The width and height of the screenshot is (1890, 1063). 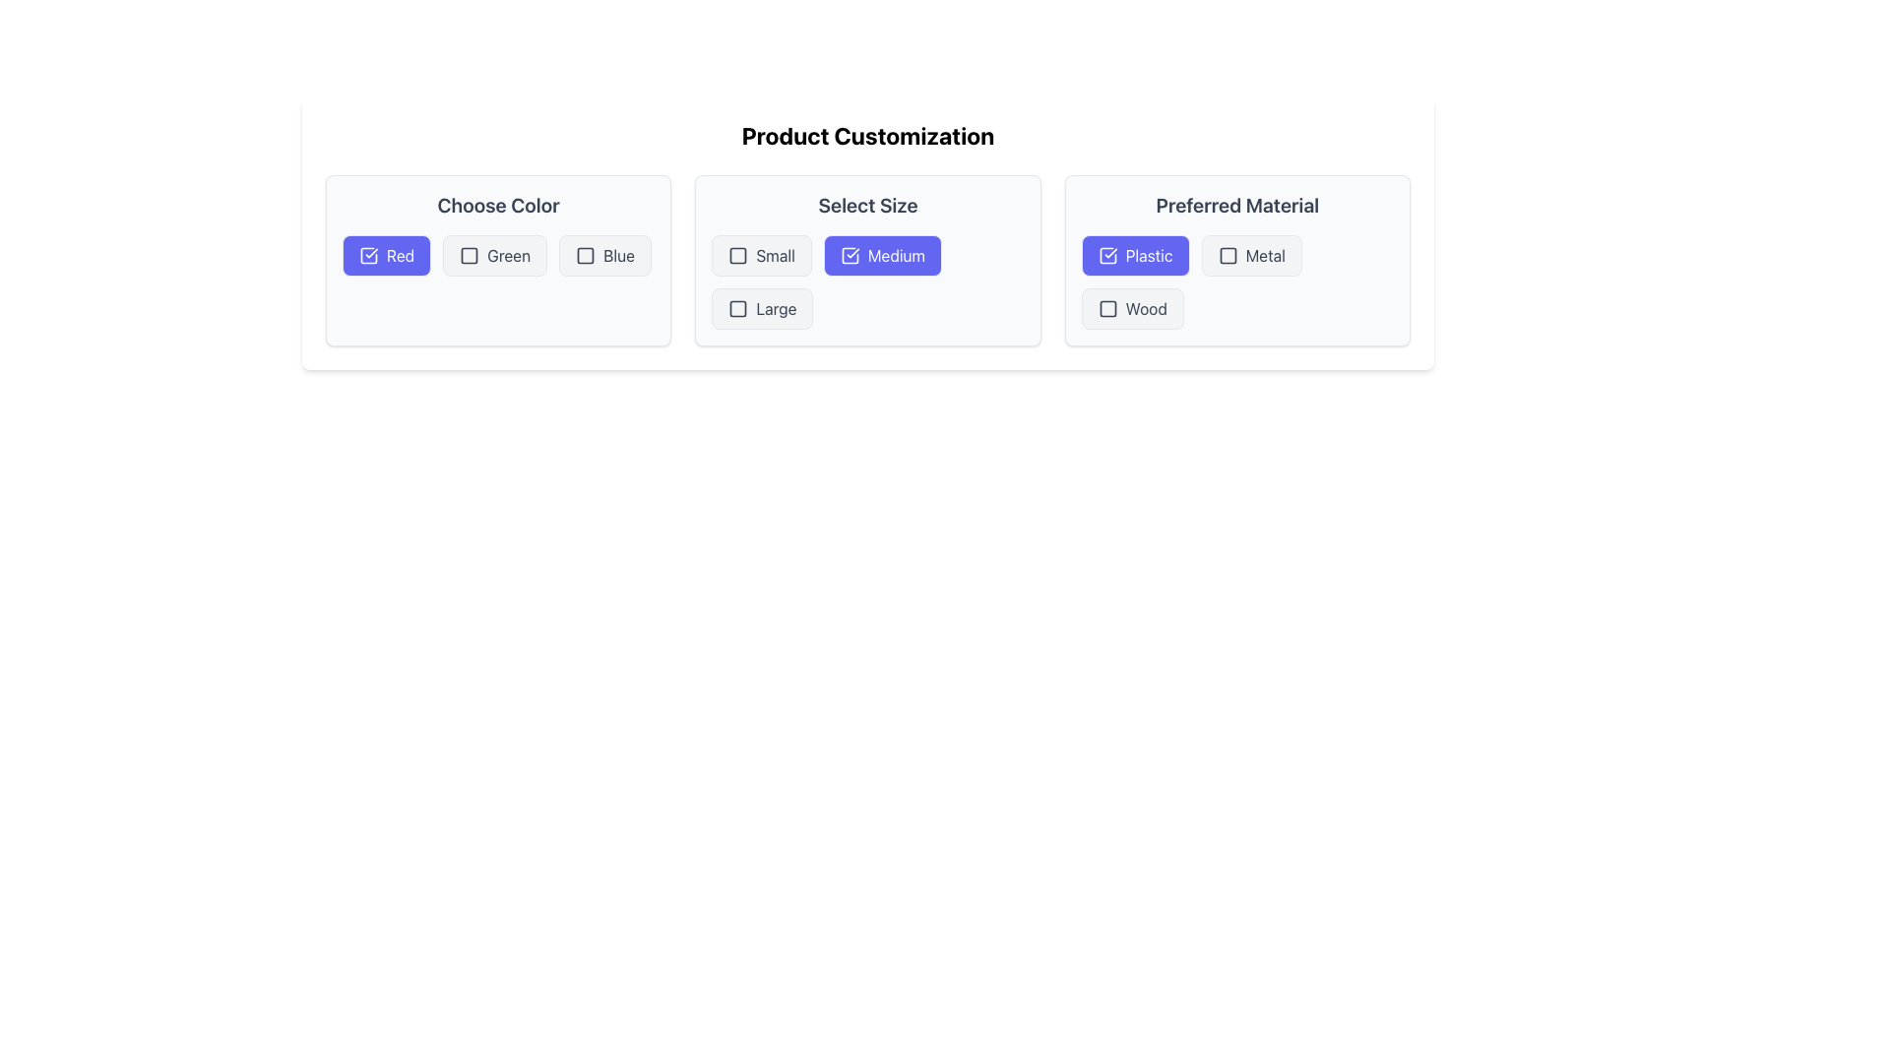 What do you see at coordinates (585, 254) in the screenshot?
I see `the checkbox for selecting the 'Blue' color option, which is located to the left of the text label 'Blue' in the 'Choose Color' group` at bounding box center [585, 254].